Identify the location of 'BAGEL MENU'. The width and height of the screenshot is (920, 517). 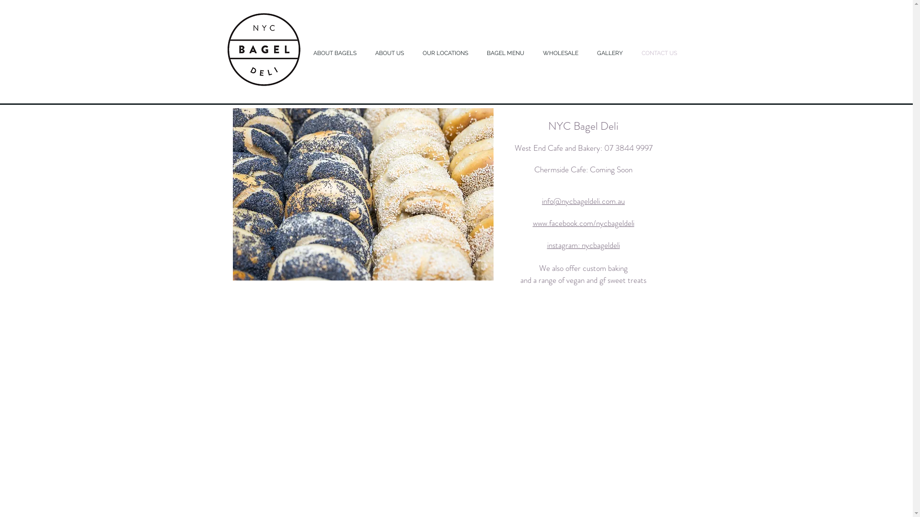
(506, 53).